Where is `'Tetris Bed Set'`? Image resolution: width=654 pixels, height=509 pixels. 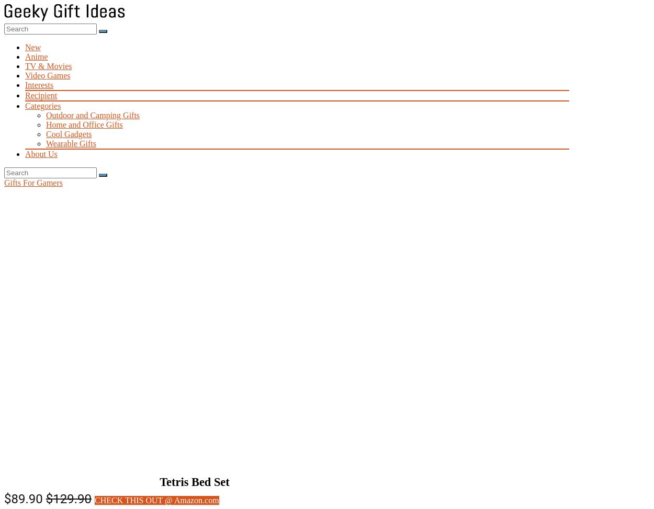 'Tetris Bed Set' is located at coordinates (194, 481).